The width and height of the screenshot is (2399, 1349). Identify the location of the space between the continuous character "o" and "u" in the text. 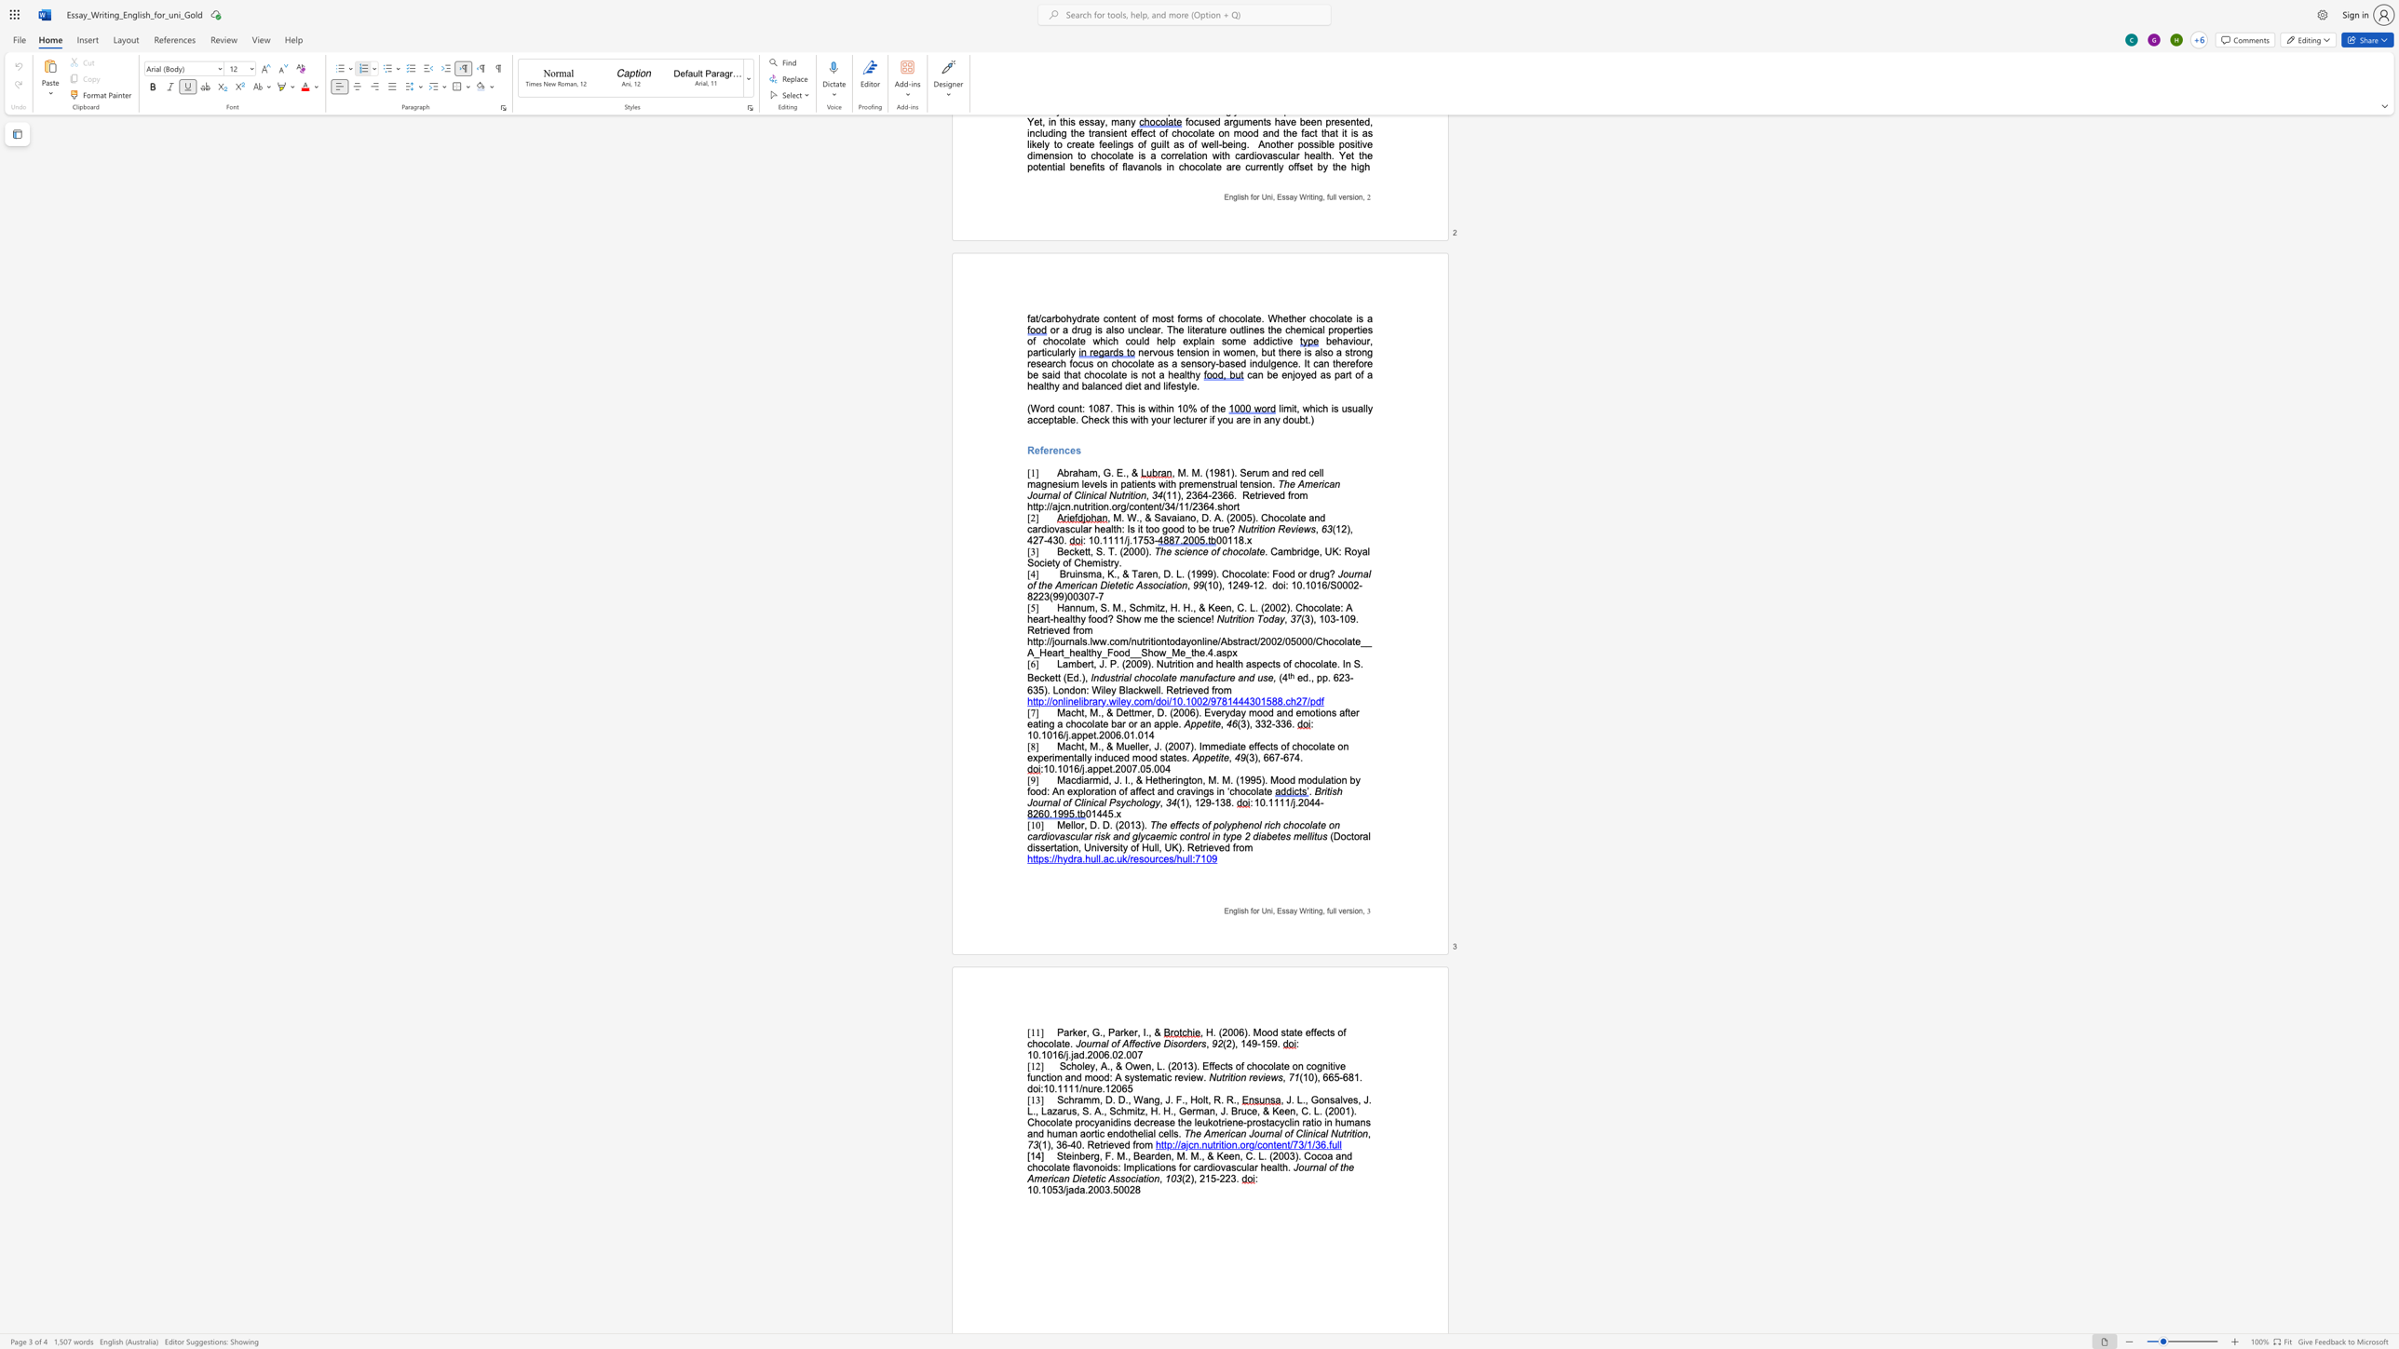
(1085, 1044).